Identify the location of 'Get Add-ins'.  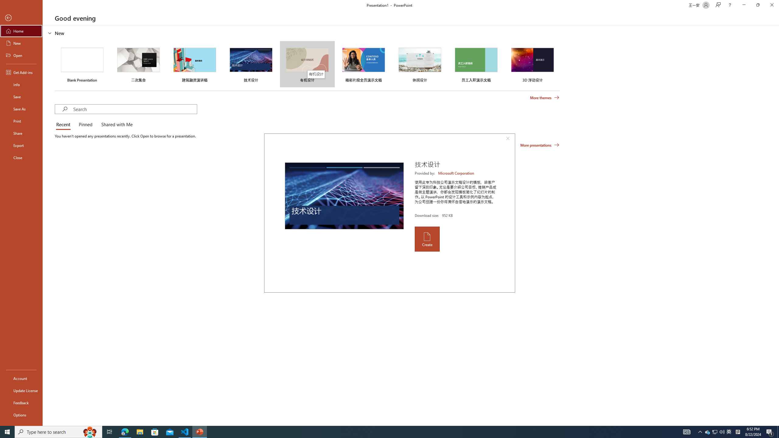
(21, 72).